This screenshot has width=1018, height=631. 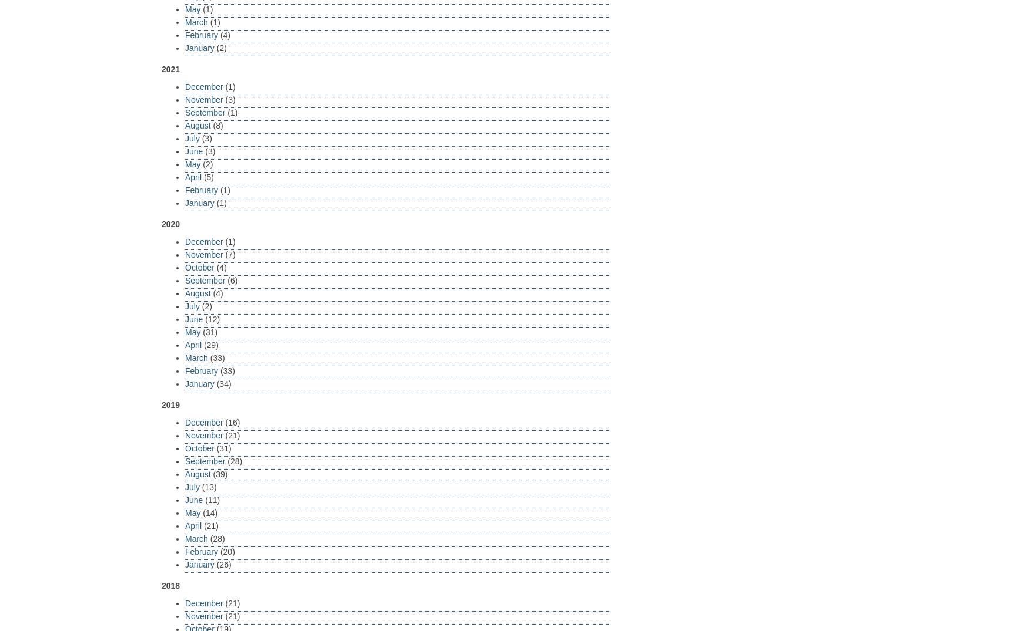 I want to click on '2018', so click(x=170, y=584).